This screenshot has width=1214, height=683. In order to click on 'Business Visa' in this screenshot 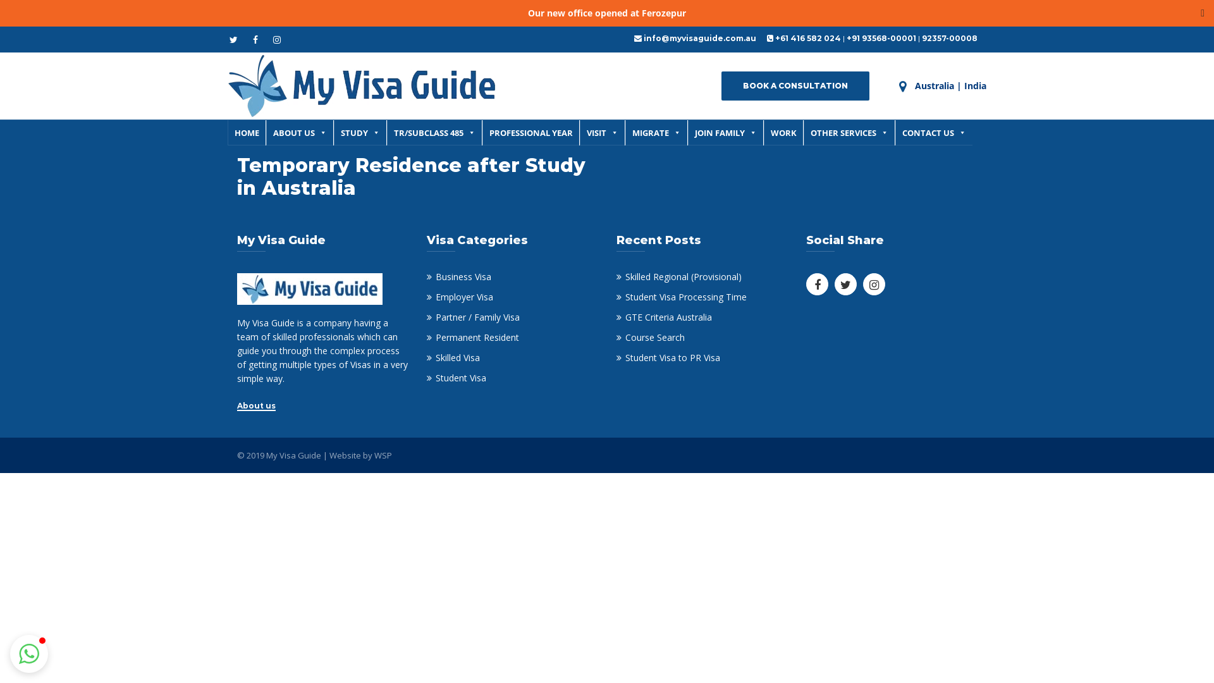, I will do `click(458, 276)`.